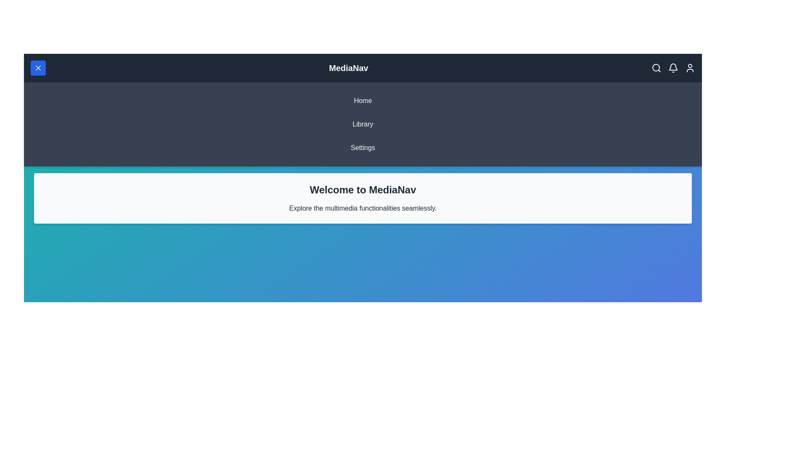 The image size is (807, 454). I want to click on the headline text 'Welcome to MediaNav' and read it, so click(363, 190).